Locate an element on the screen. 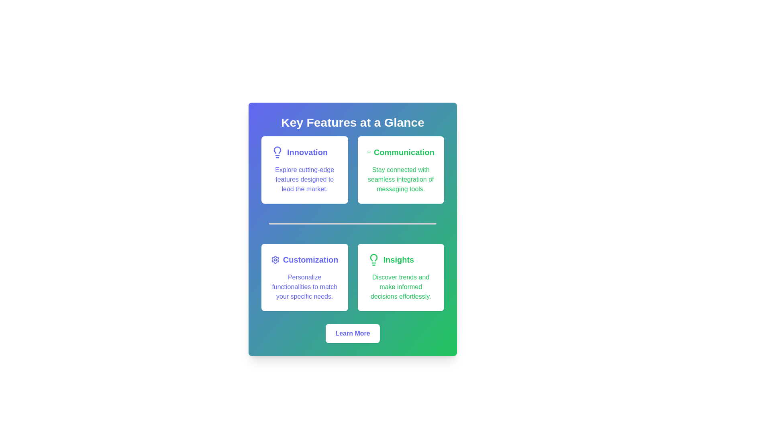 The width and height of the screenshot is (771, 433). the rectangular button with rounded corners, white background, and blue text reading 'Learn More' is located at coordinates (353, 334).